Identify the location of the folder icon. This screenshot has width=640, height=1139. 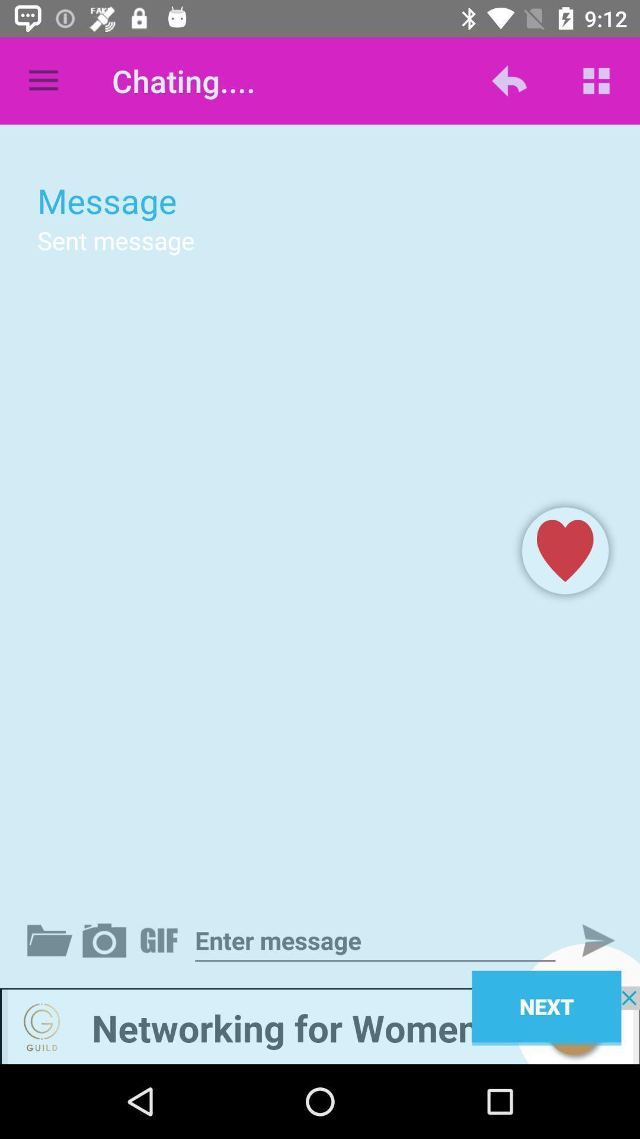
(52, 940).